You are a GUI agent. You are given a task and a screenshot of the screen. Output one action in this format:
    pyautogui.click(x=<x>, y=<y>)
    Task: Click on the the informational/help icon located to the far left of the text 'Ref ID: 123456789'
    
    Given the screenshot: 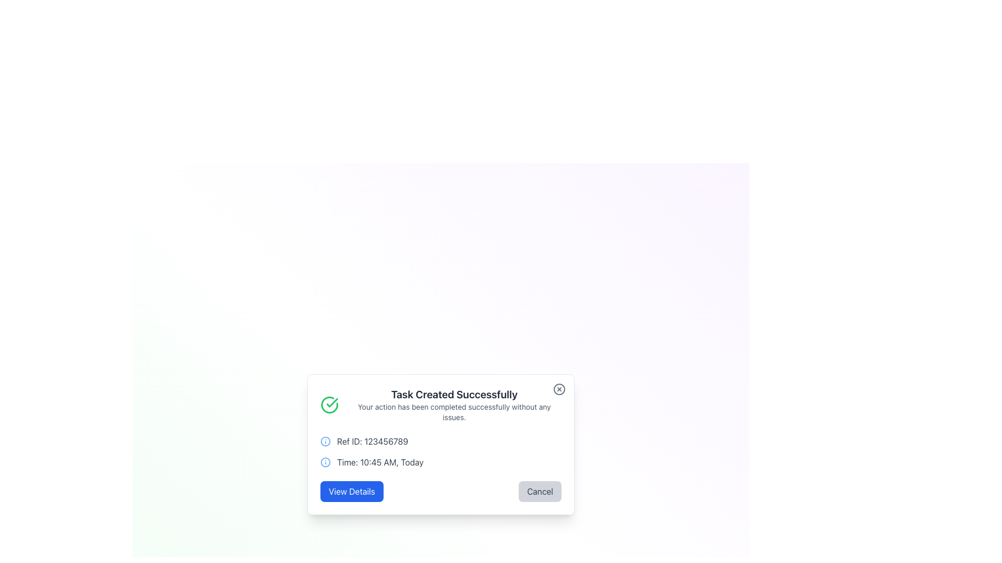 What is the action you would take?
    pyautogui.click(x=325, y=442)
    